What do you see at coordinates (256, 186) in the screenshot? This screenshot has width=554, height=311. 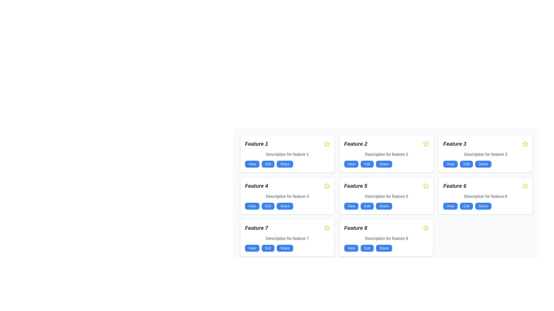 I see `the Text Label that serves as the title for the feature card located in the second row, first column of the grid layout` at bounding box center [256, 186].